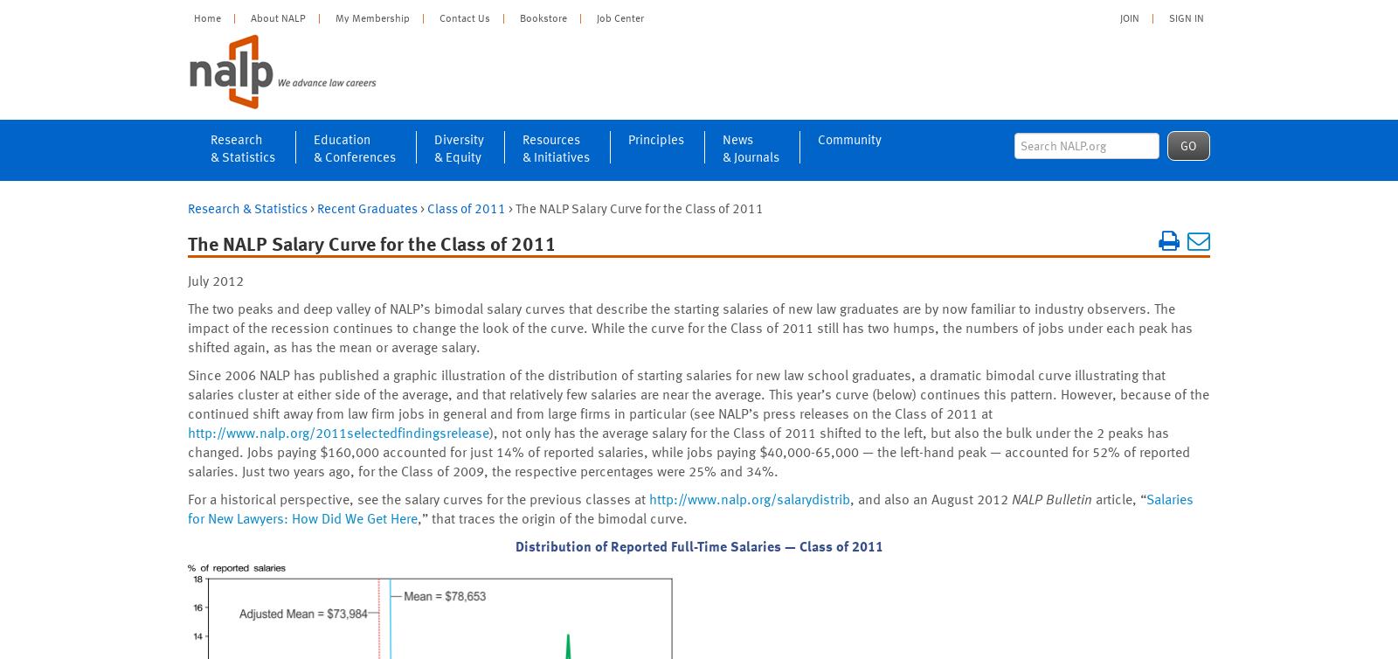  What do you see at coordinates (1128, 17) in the screenshot?
I see `'JOIN'` at bounding box center [1128, 17].